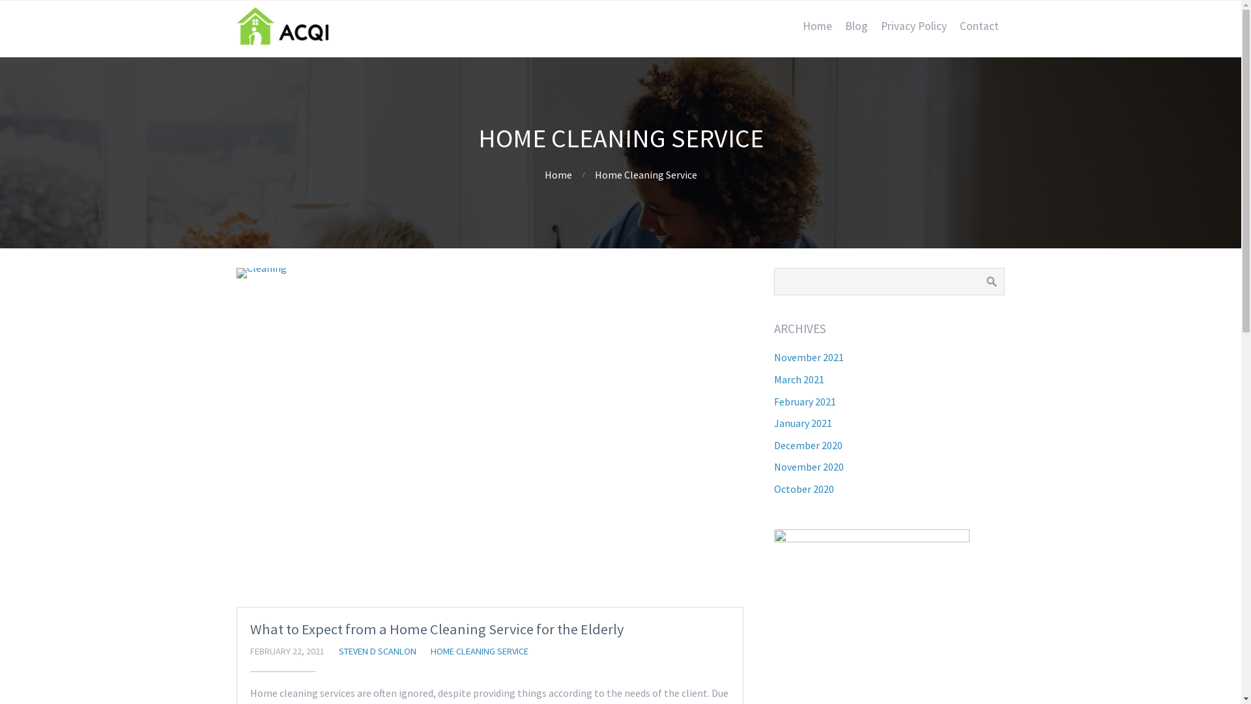 Image resolution: width=1251 pixels, height=704 pixels. Describe the element at coordinates (807, 444) in the screenshot. I see `'December 2020'` at that location.